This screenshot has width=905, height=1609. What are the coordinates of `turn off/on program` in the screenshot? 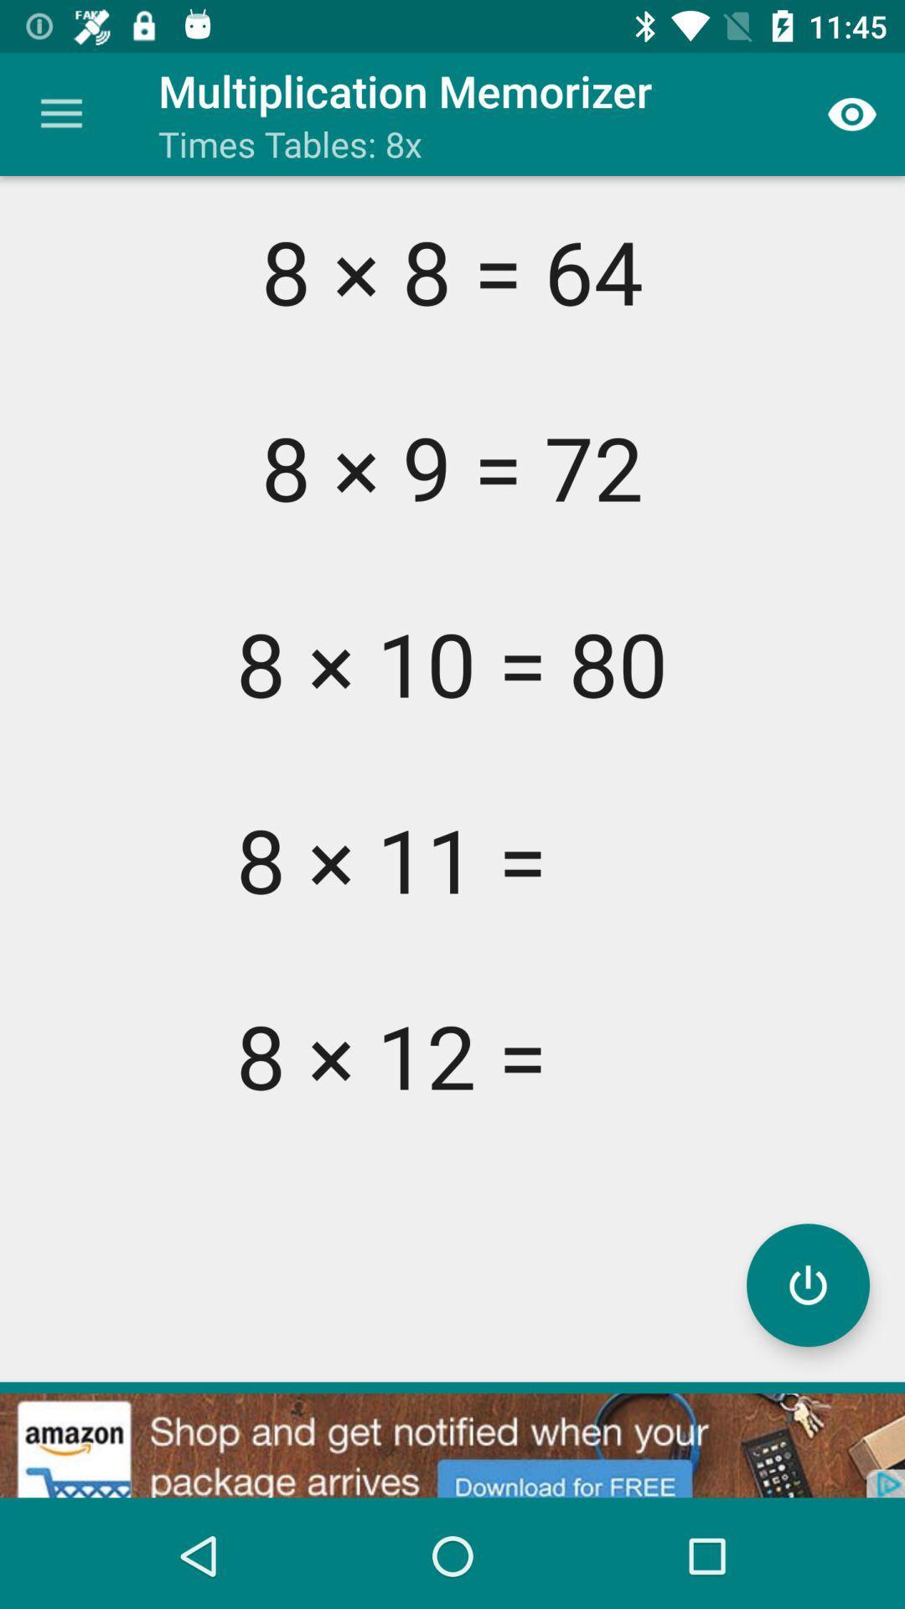 It's located at (807, 1284).